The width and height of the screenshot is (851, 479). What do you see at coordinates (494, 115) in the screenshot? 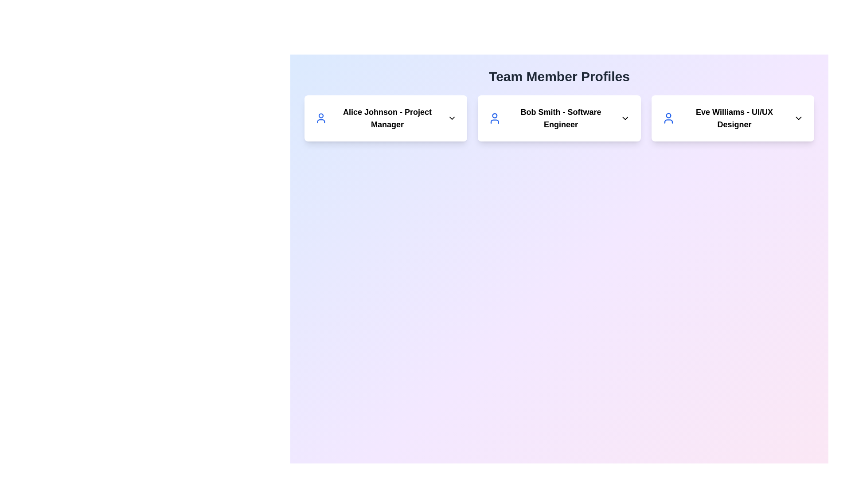
I see `the decorative SVG Circle representing the user profile of Bob Smith - Software Engineer, located in the second card from the left in the 'Team Member Profiles' section` at bounding box center [494, 115].